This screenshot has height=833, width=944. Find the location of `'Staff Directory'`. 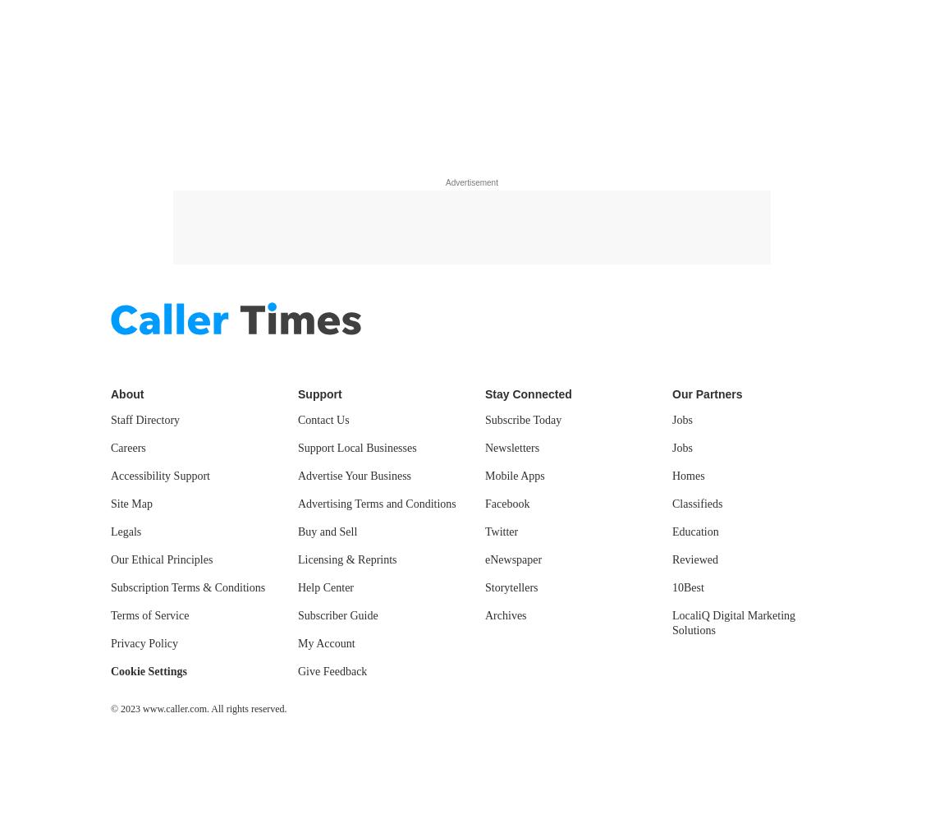

'Staff Directory' is located at coordinates (144, 419).